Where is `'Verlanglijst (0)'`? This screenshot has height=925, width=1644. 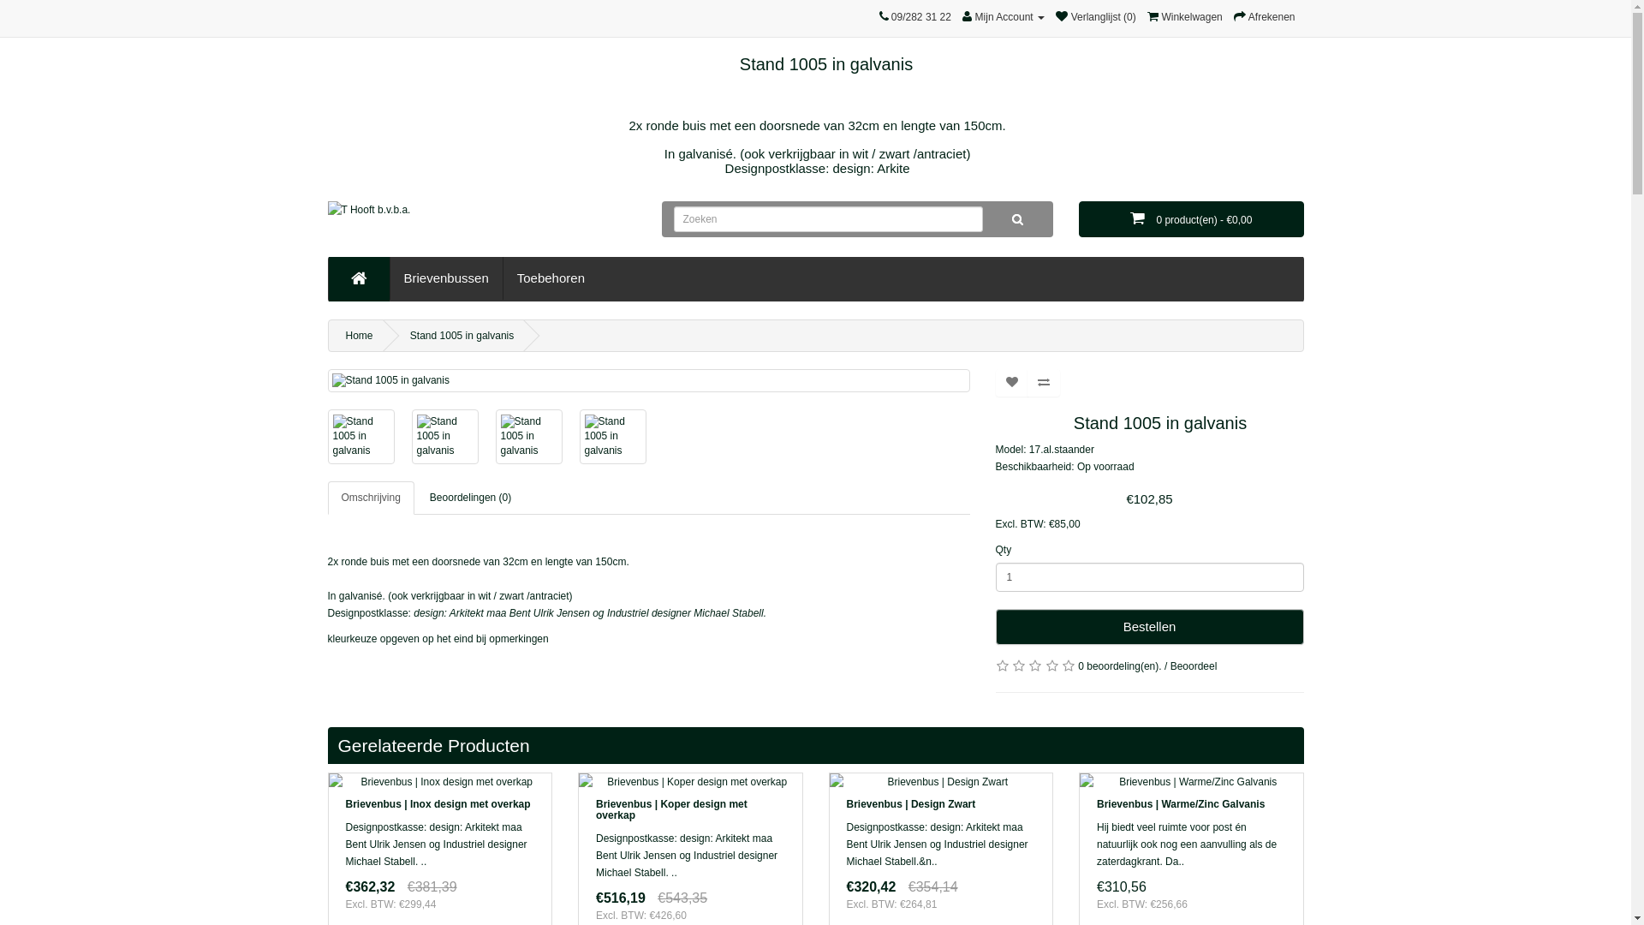 'Verlanglijst (0)' is located at coordinates (1094, 16).